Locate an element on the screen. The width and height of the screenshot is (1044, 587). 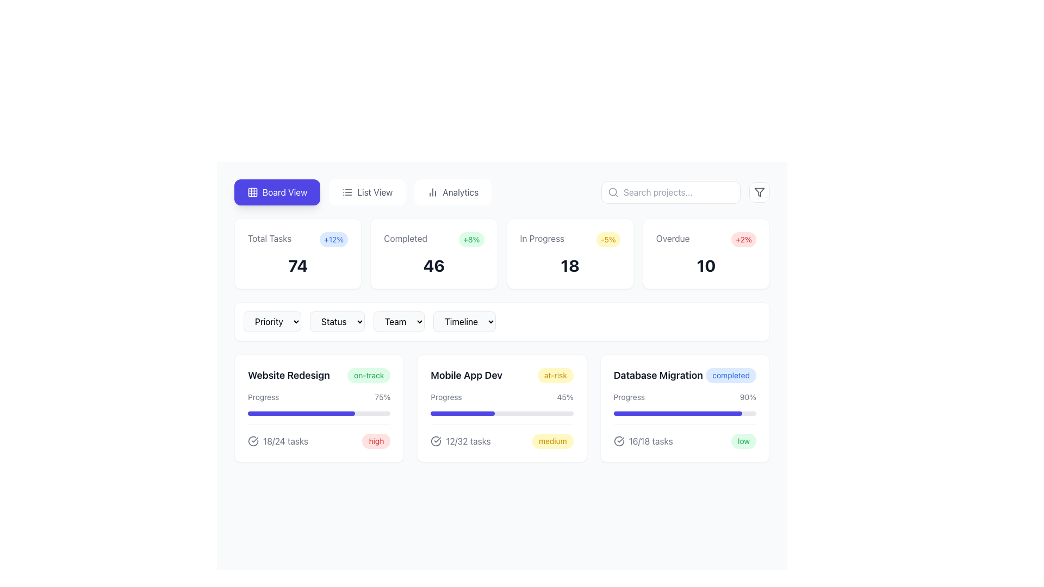
the A status label indicating that the 'Website Redesign' task is currently on track, located to the right of the phrase 'Website Redesign' is located at coordinates (369, 374).